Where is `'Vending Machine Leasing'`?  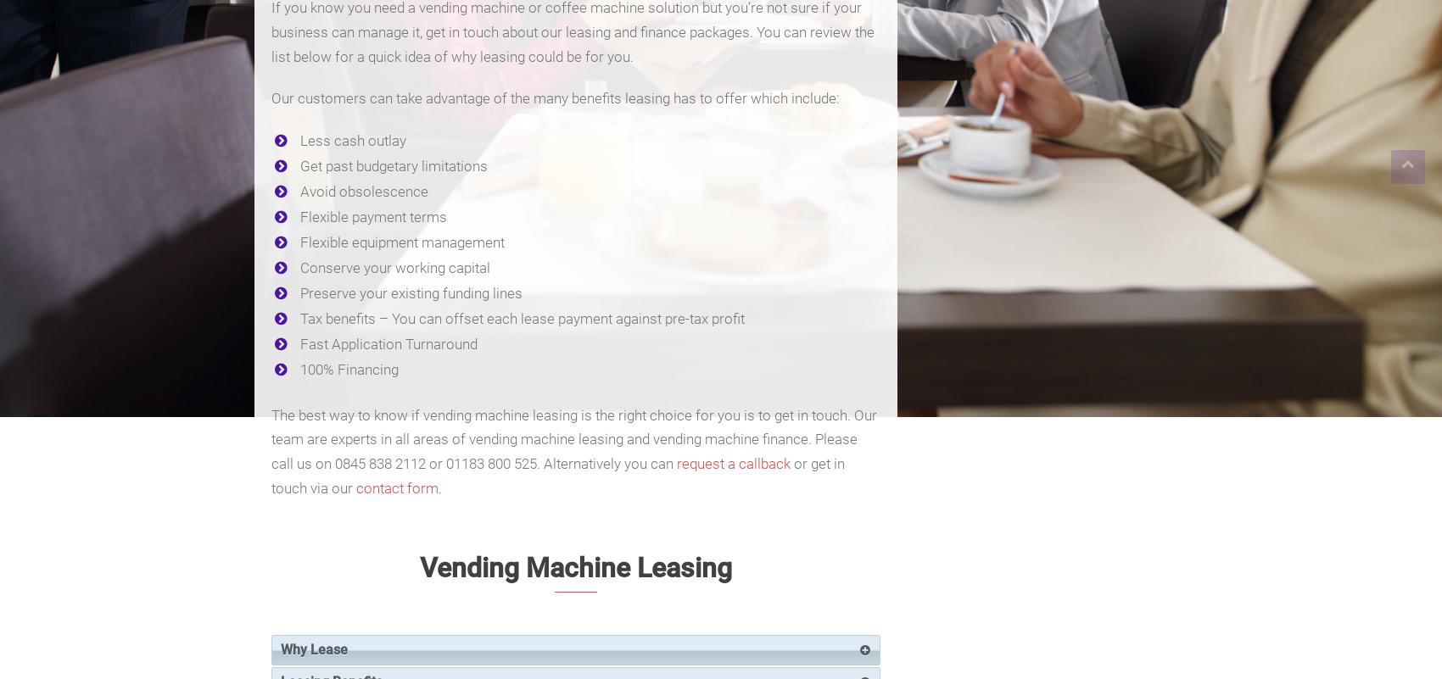 'Vending Machine Leasing' is located at coordinates (575, 568).